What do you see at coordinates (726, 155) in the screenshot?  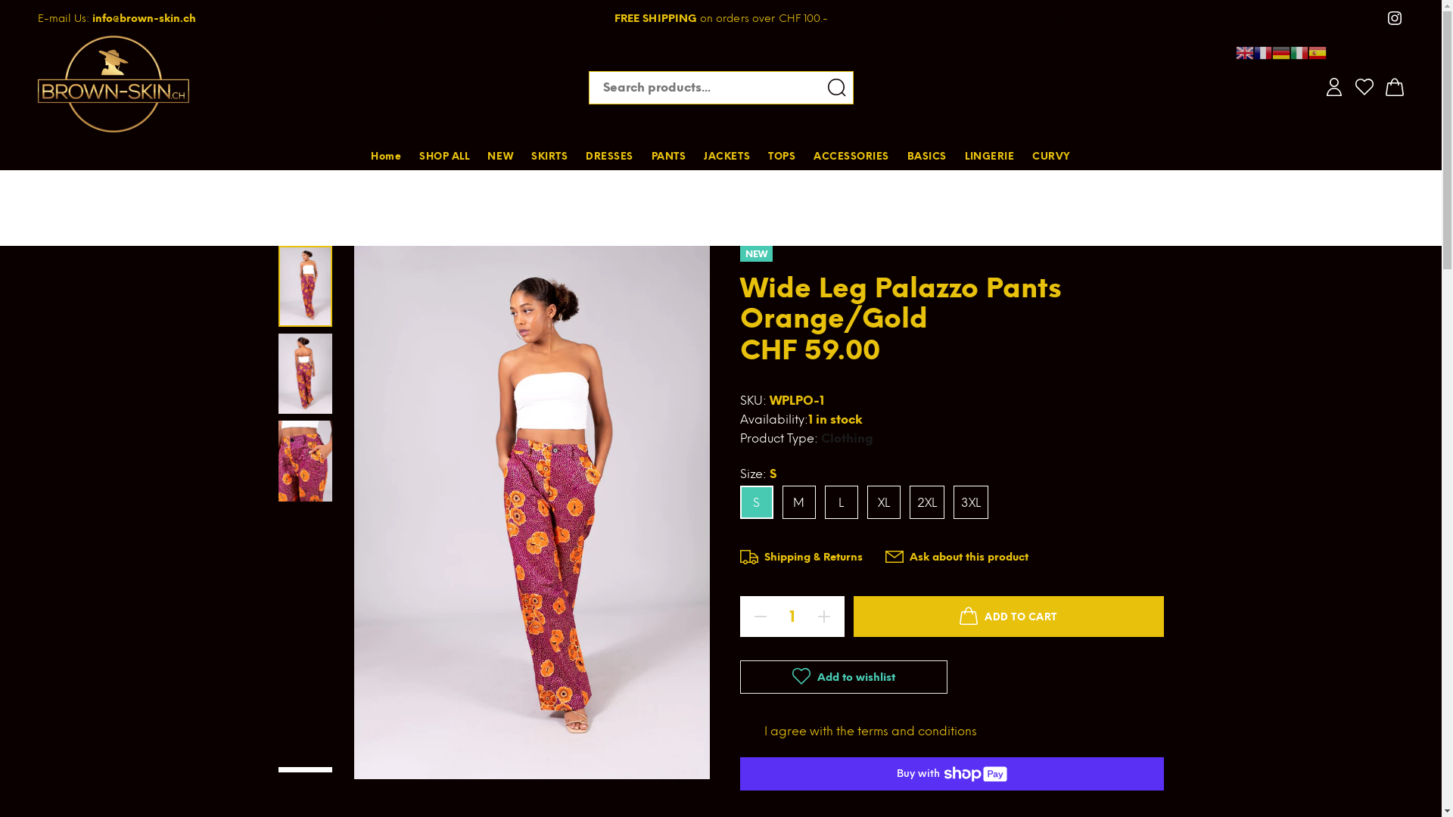 I see `'JACKETS'` at bounding box center [726, 155].